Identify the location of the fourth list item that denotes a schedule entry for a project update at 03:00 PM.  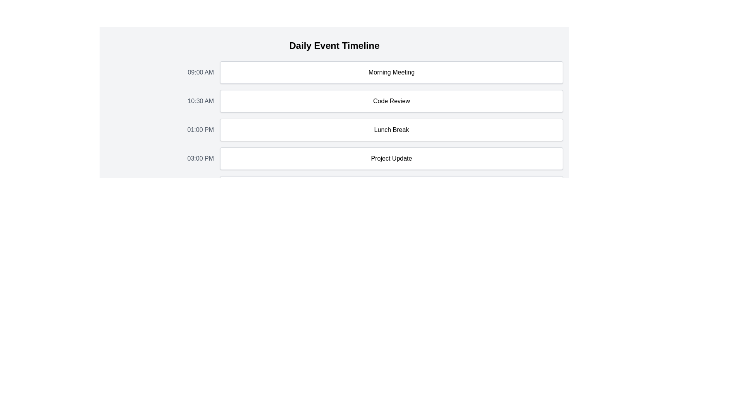
(334, 158).